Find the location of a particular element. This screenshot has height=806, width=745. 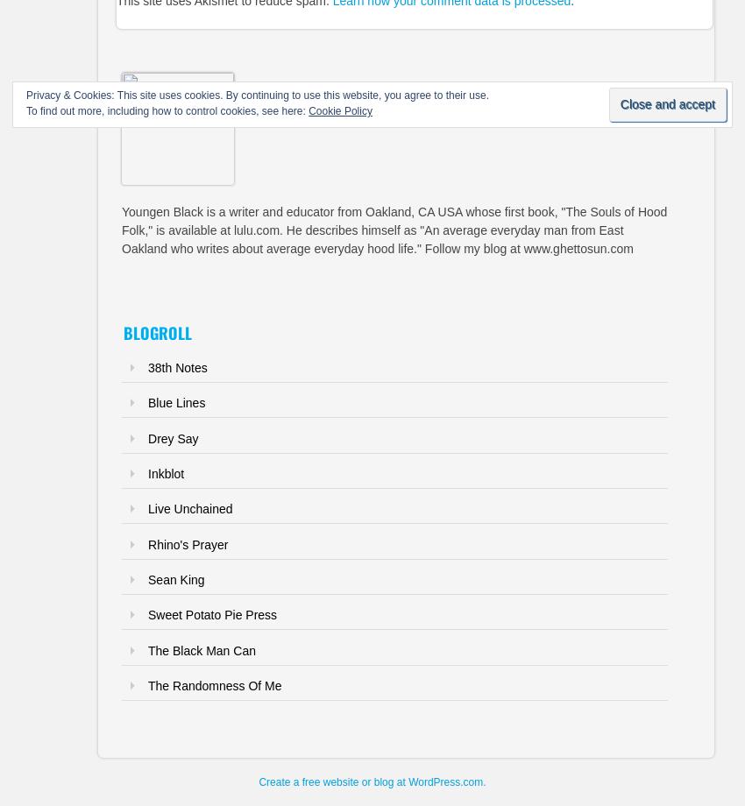

'Sean King' is located at coordinates (175, 579).